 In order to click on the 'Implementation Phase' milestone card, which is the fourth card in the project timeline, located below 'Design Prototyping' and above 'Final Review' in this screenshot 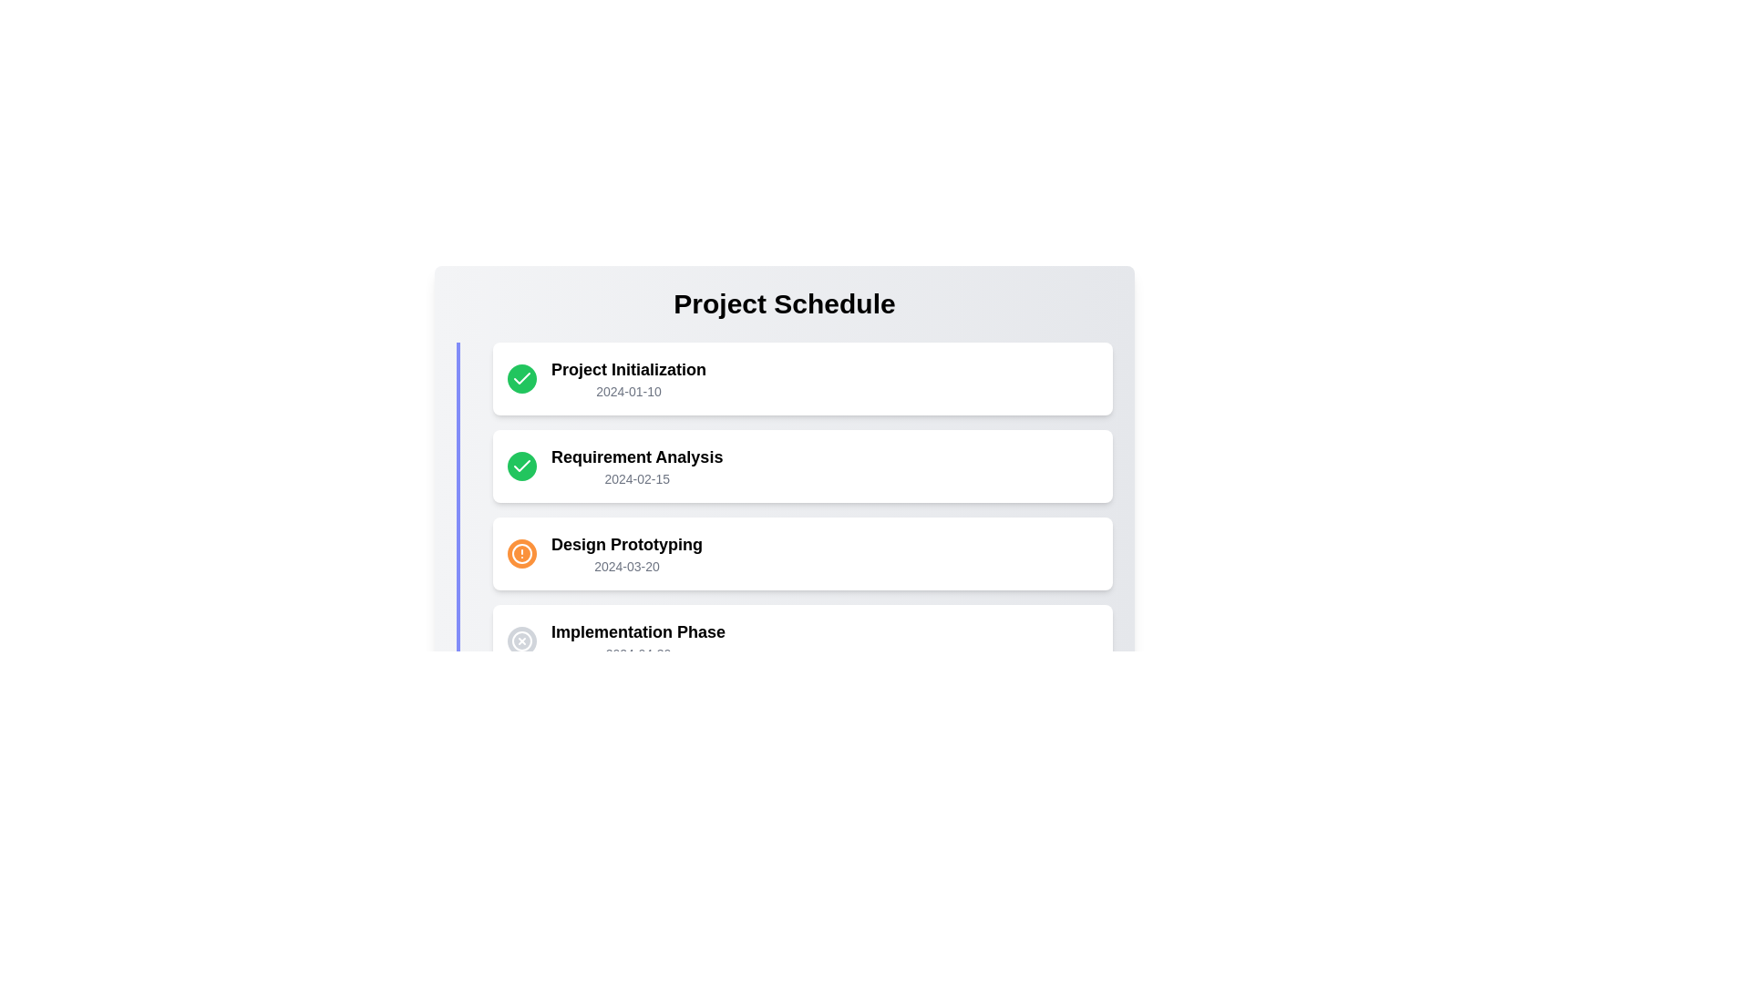, I will do `click(802, 641)`.